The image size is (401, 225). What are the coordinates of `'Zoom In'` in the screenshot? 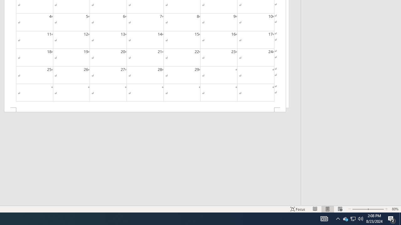 It's located at (375, 209).